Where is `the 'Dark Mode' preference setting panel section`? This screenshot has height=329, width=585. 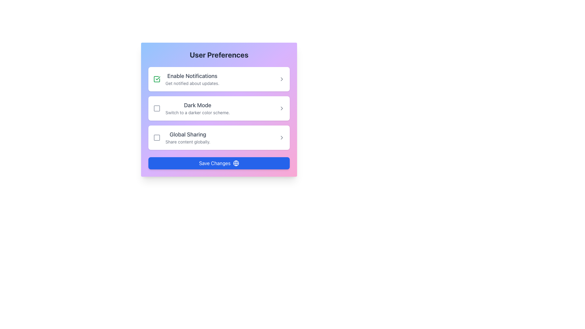 the 'Dark Mode' preference setting panel section is located at coordinates (219, 109).